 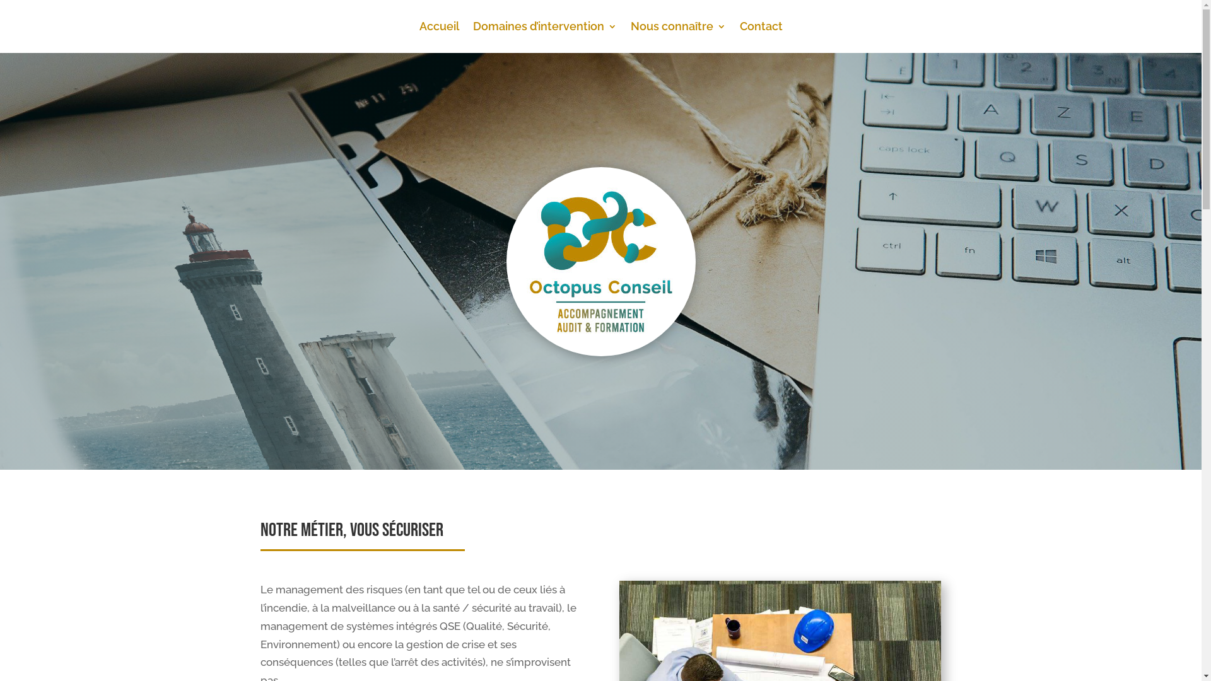 I want to click on 'Contact', so click(x=739, y=28).